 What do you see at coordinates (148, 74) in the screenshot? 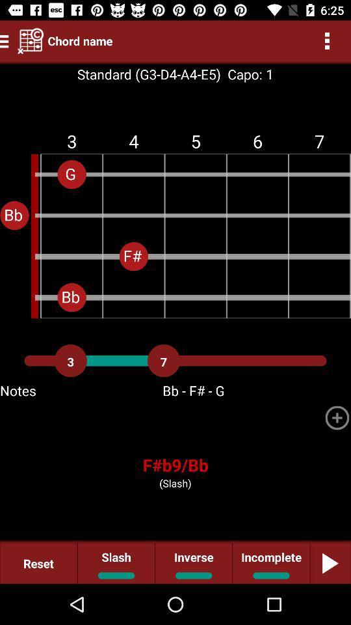
I see `the item next to   capo: 1 item` at bounding box center [148, 74].